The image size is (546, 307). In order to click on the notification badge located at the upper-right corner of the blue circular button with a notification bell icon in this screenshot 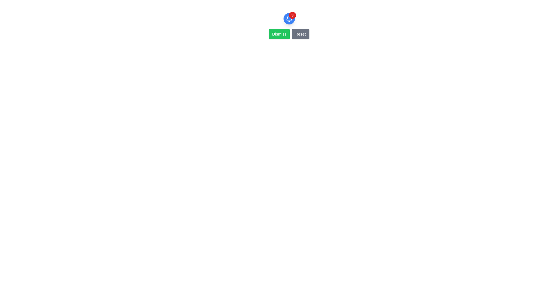, I will do `click(292, 15)`.